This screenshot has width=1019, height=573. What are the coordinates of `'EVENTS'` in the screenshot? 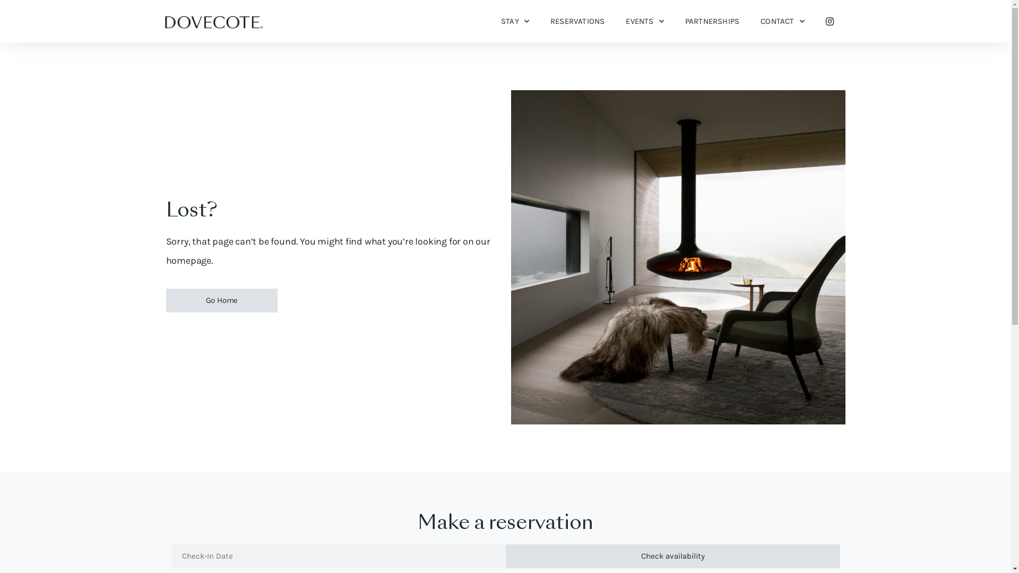 It's located at (644, 21).